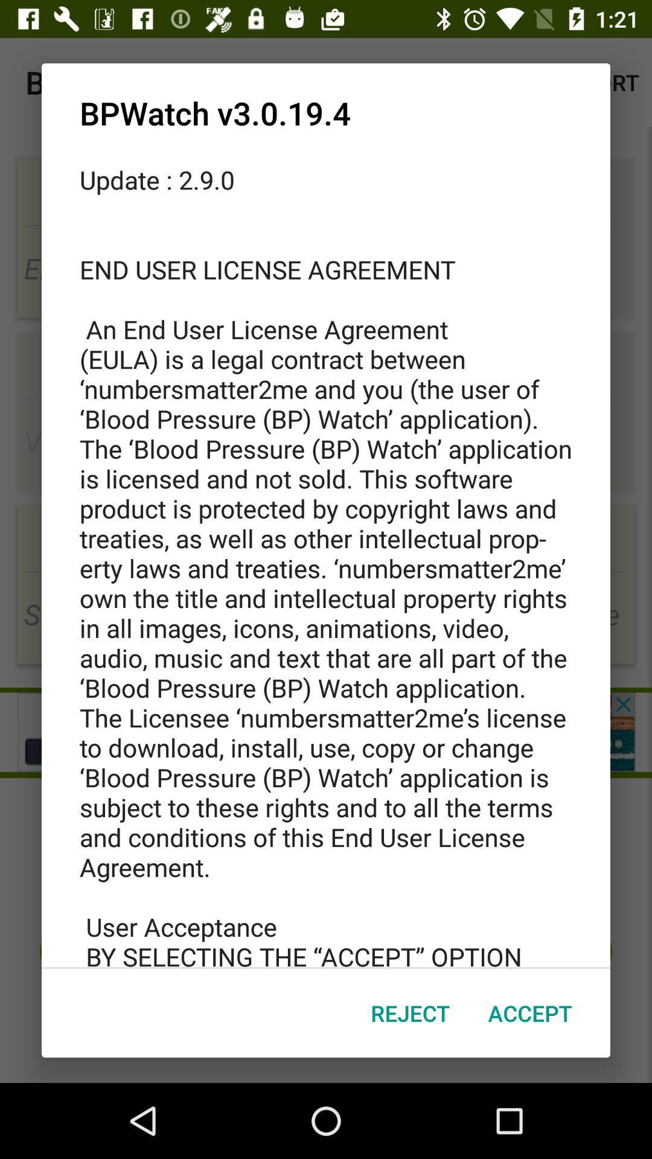 This screenshot has height=1159, width=652. What do you see at coordinates (409, 1013) in the screenshot?
I see `item next to accept` at bounding box center [409, 1013].